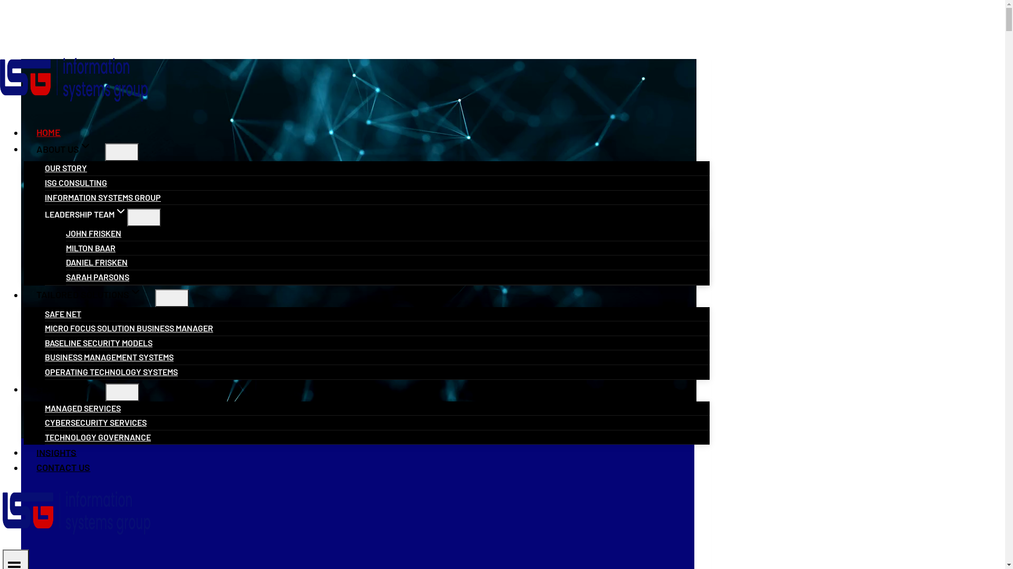 This screenshot has height=569, width=1013. I want to click on 'SERVICESEXPAND', so click(64, 388).